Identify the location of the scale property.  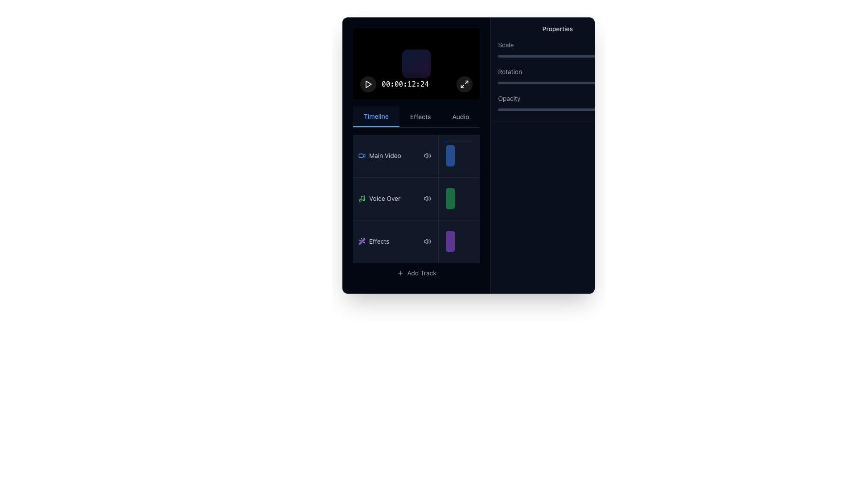
(519, 56).